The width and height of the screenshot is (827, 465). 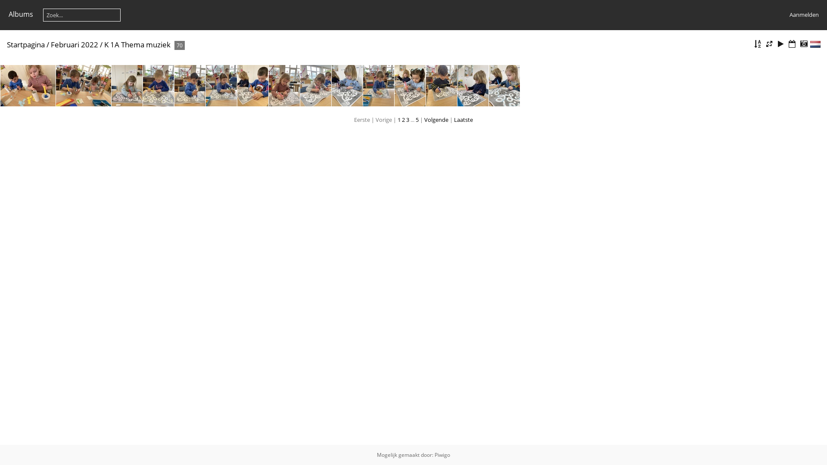 I want to click on 'Piwigo', so click(x=442, y=454).